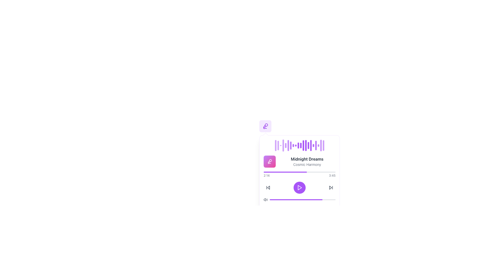 This screenshot has height=271, width=483. I want to click on the 19th vertical purple rounded rectangle representing audio waves in the audio player interface, located above the title 'Midnight Dreams', so click(321, 145).